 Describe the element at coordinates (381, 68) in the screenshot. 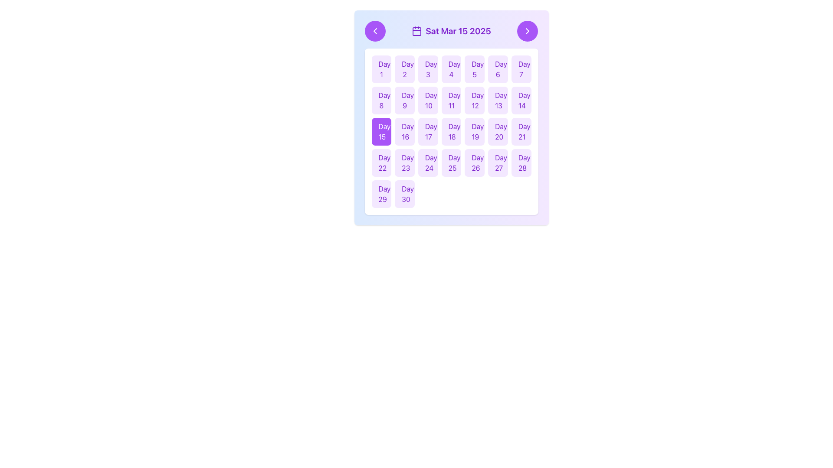

I see `the first day button in the calendar month, which is positioned at the top-left corner of the grid layout` at that location.